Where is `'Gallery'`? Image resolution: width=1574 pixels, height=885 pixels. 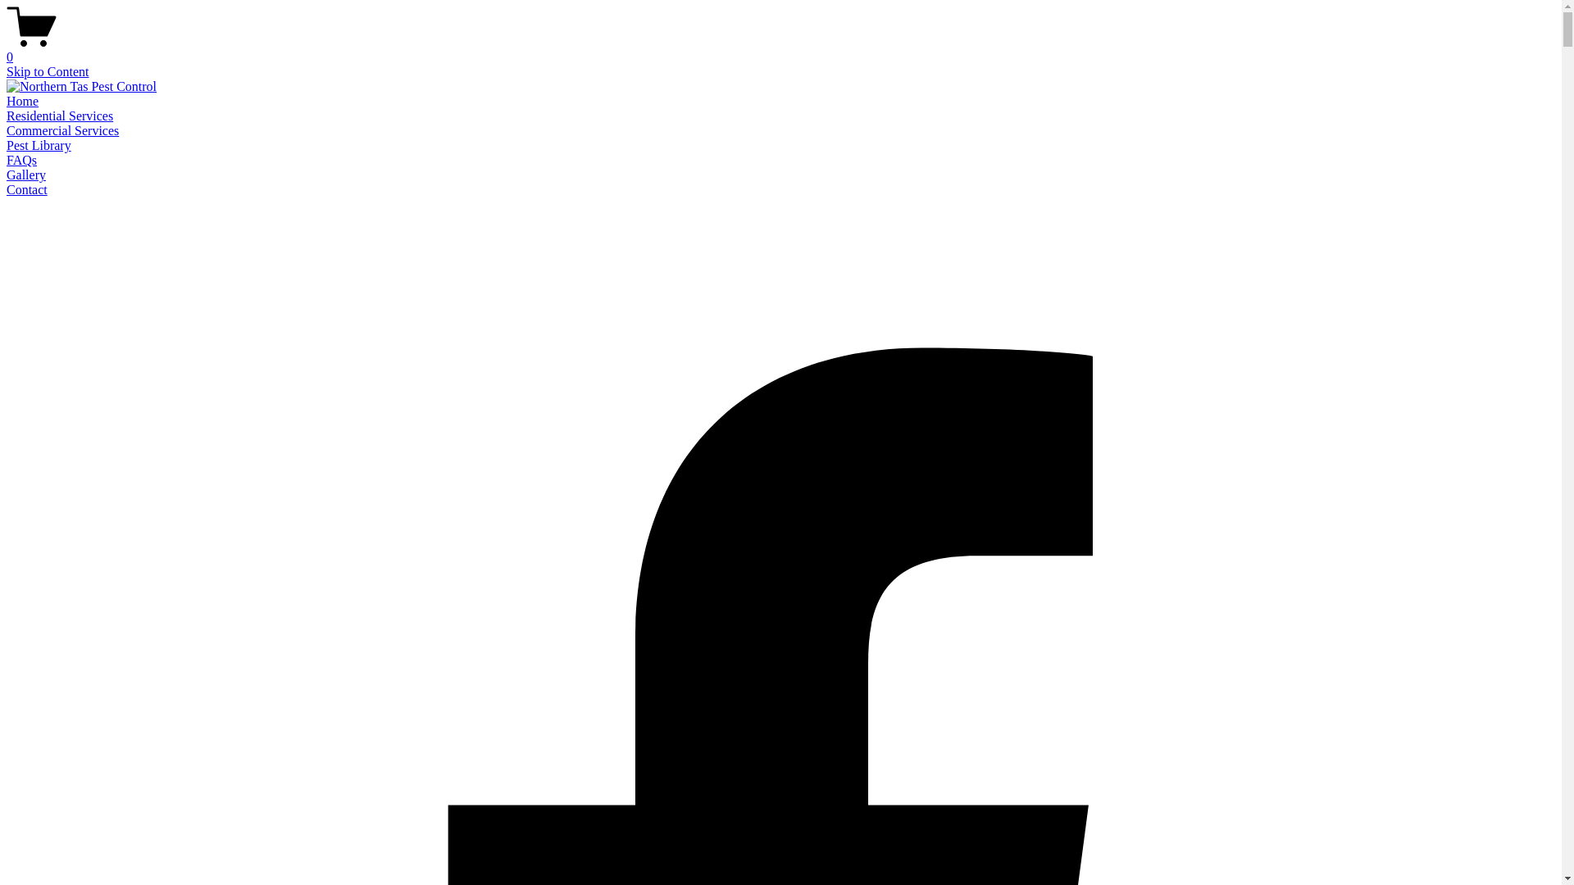
'Gallery' is located at coordinates (26, 175).